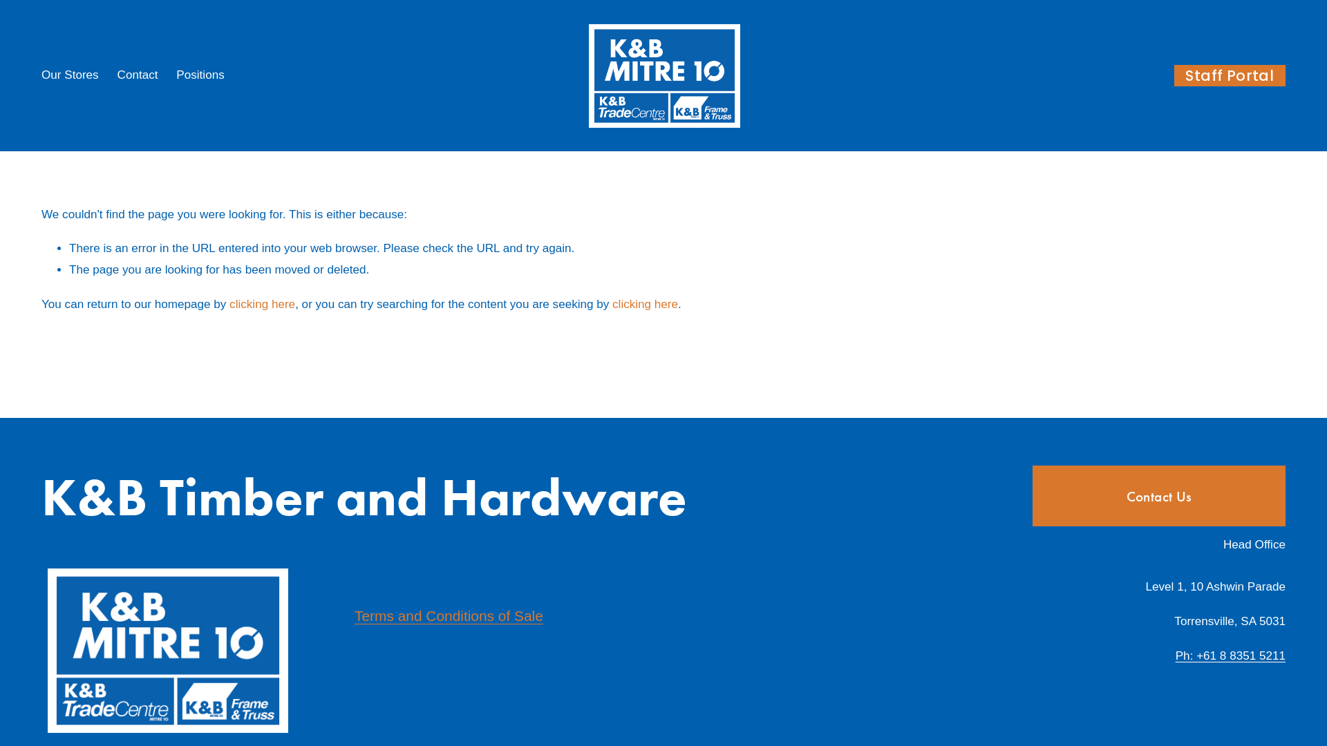 The width and height of the screenshot is (1327, 746). I want to click on 'Contact', so click(138, 75).